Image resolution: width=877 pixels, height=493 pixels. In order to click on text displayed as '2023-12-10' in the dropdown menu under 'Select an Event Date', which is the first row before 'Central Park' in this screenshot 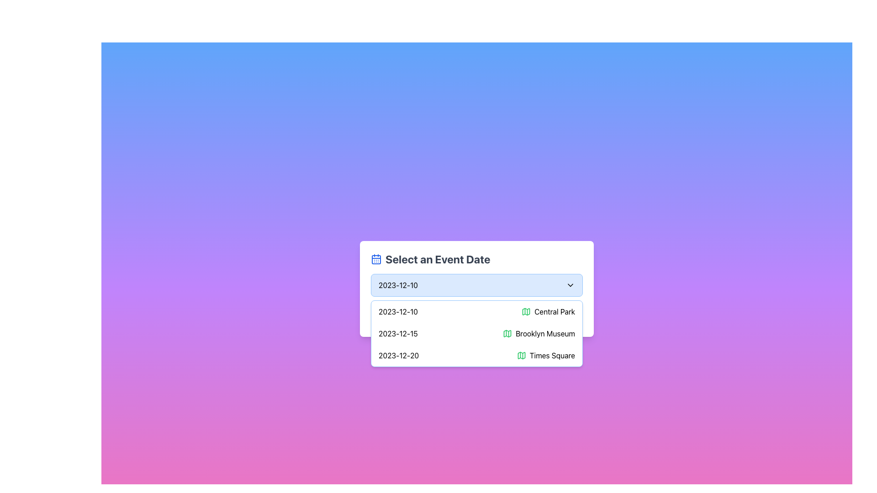, I will do `click(398, 311)`.